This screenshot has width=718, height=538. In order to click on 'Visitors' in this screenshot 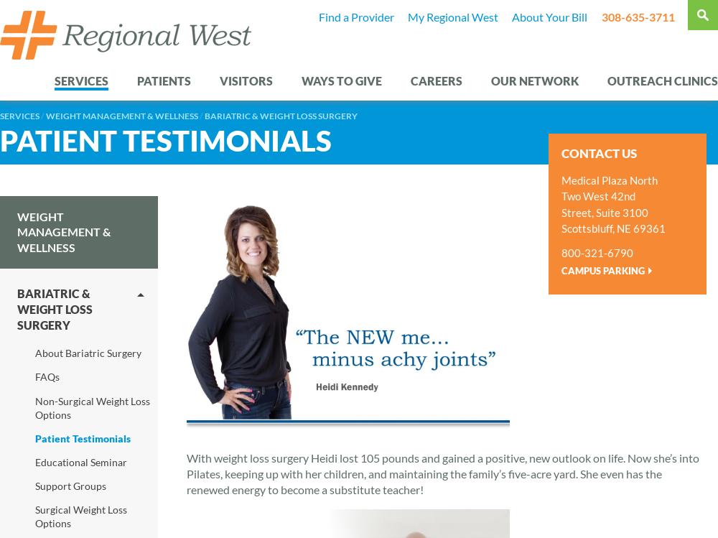, I will do `click(246, 80)`.